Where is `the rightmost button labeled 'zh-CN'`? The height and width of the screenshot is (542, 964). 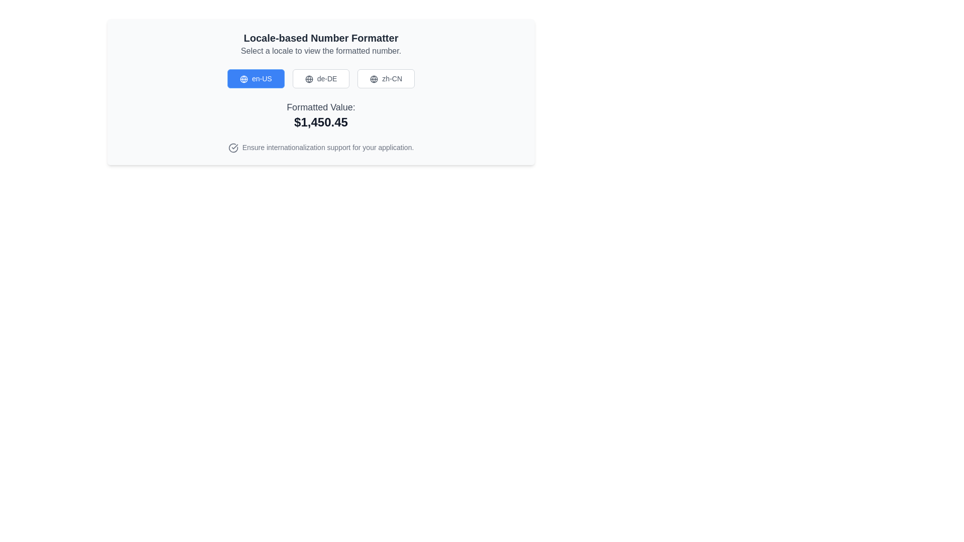 the rightmost button labeled 'zh-CN' is located at coordinates (386, 78).